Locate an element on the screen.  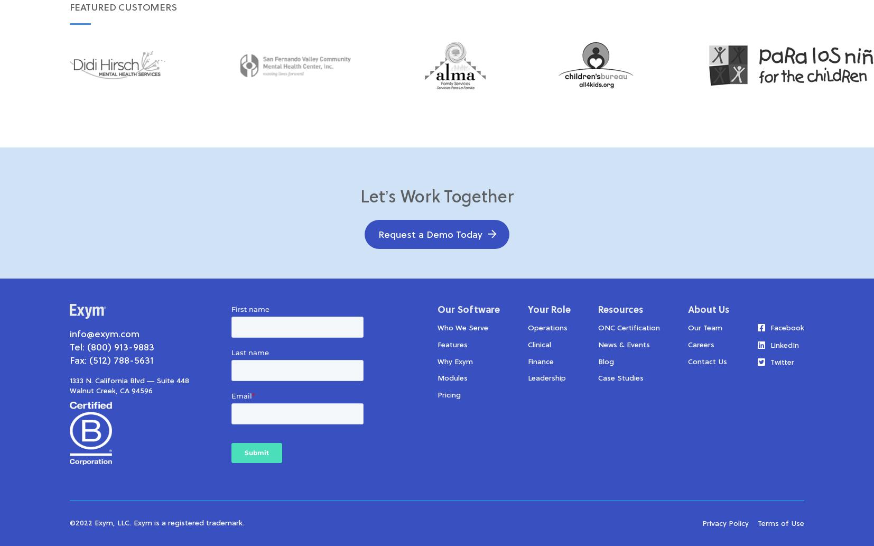
'©2022 Exym, LLC. Exym is a registered trademark.' is located at coordinates (156, 523).